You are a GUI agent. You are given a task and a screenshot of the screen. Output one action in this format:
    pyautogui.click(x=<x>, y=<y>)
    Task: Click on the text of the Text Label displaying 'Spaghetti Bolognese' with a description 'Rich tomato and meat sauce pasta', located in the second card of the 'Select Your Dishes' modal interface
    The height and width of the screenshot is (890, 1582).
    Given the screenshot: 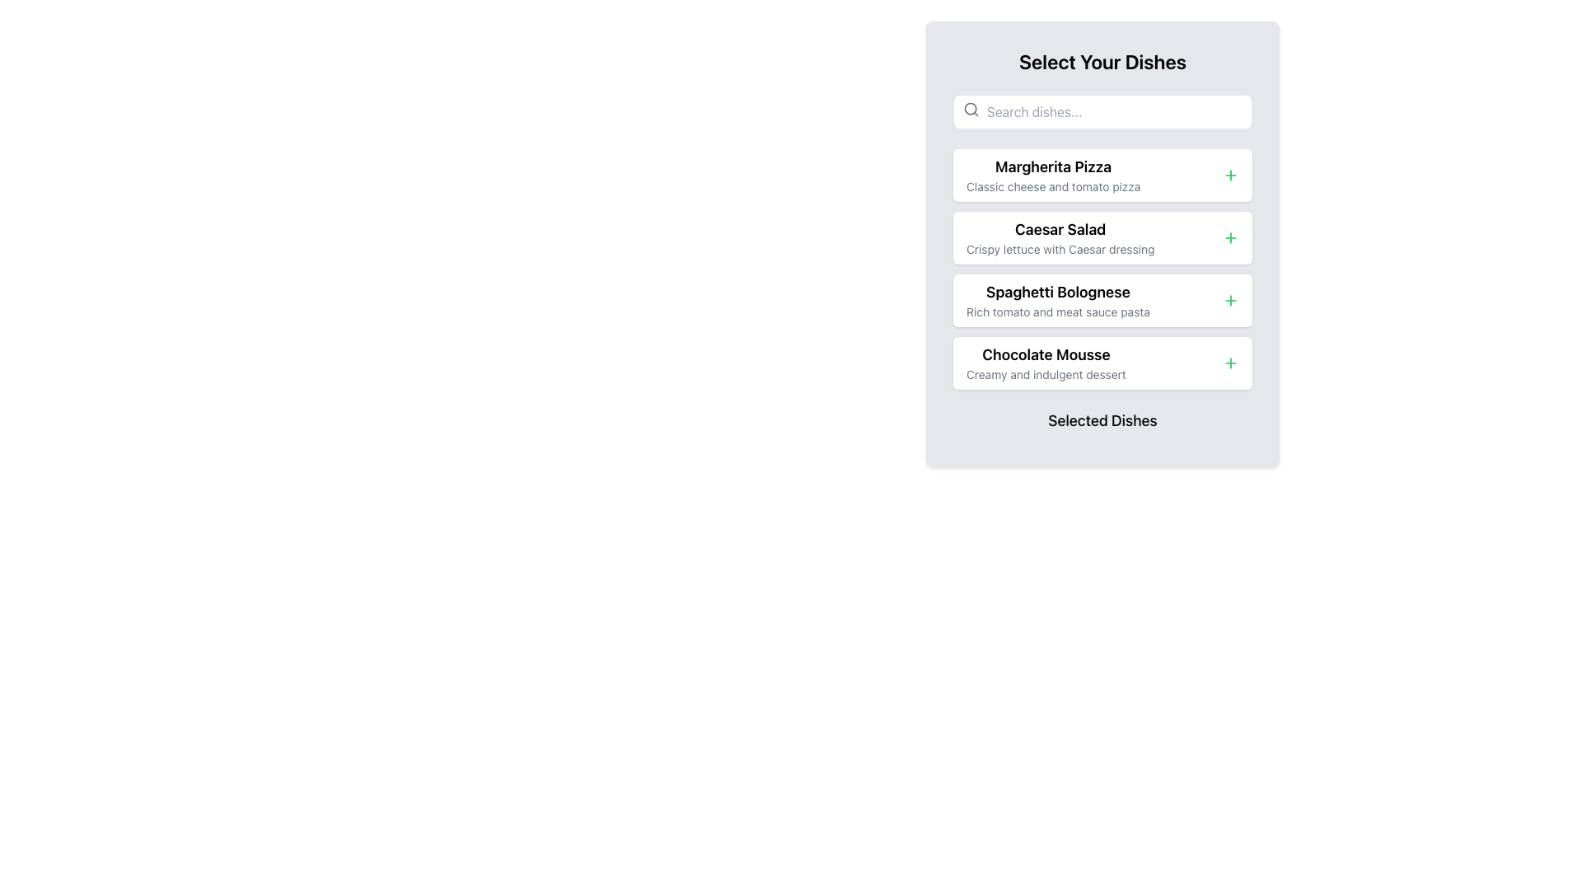 What is the action you would take?
    pyautogui.click(x=1058, y=301)
    